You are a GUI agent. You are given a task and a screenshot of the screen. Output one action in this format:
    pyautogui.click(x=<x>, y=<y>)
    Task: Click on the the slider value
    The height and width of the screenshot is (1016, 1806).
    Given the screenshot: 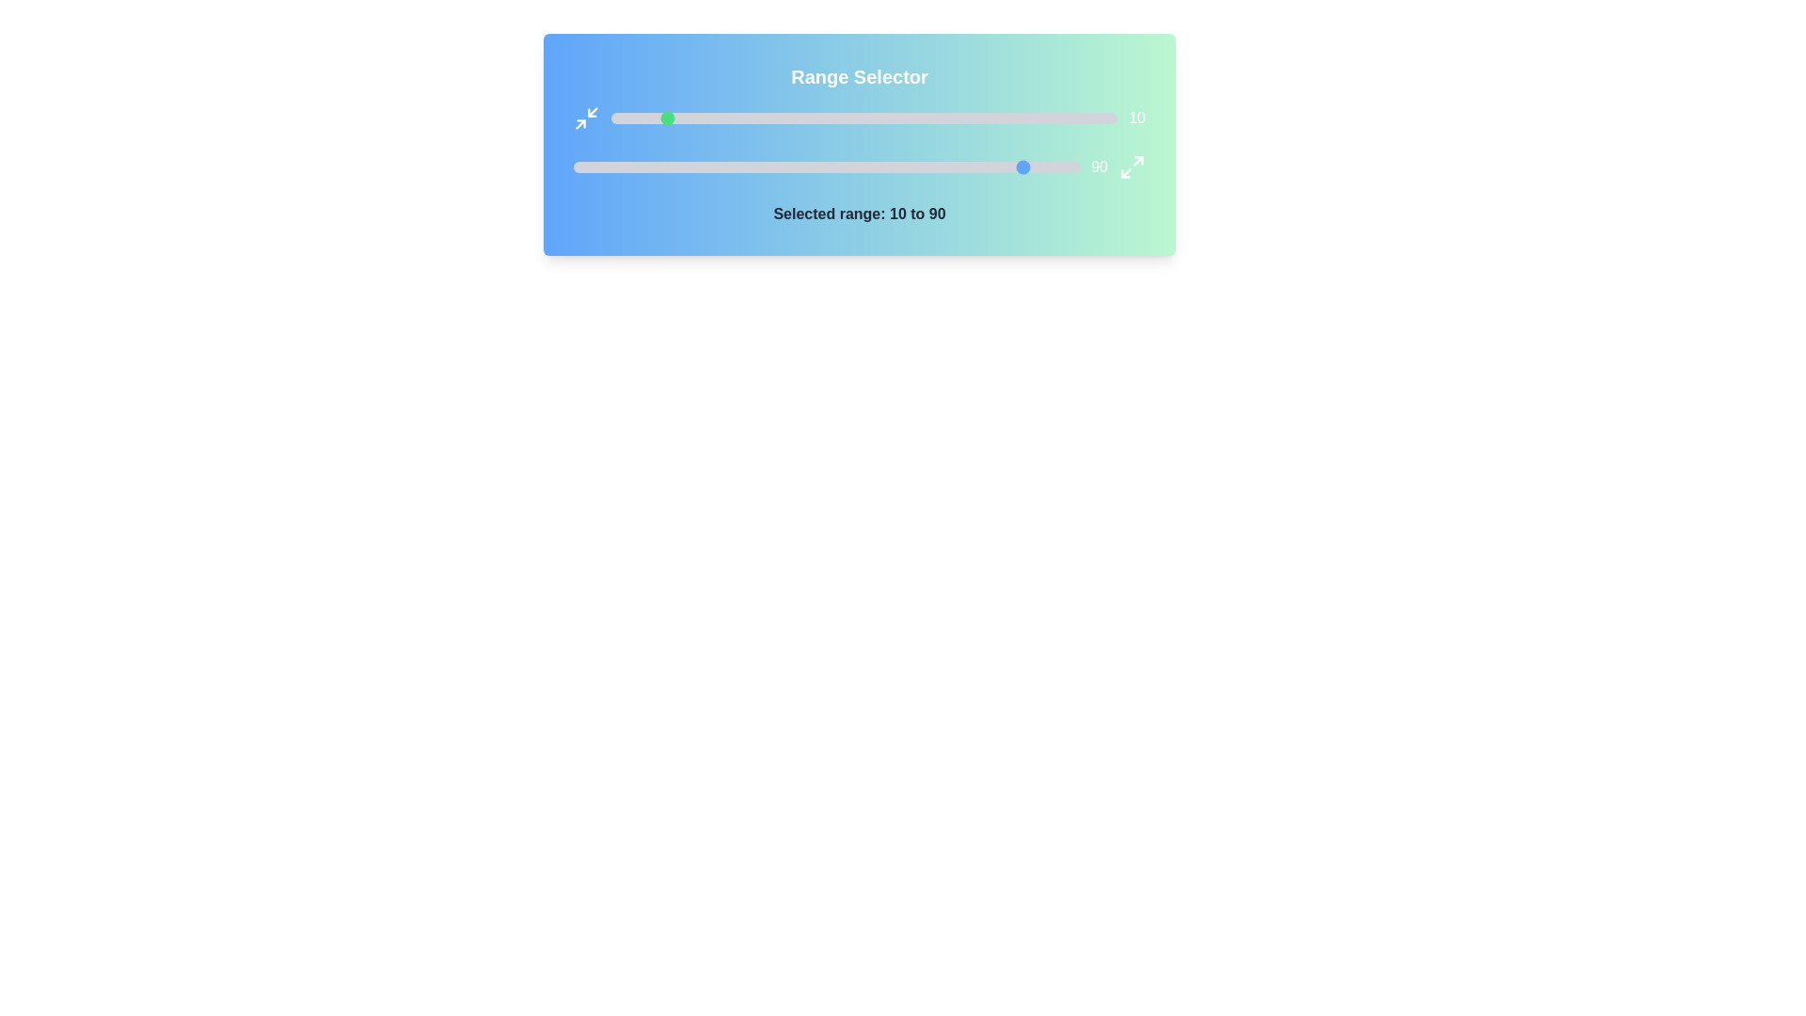 What is the action you would take?
    pyautogui.click(x=629, y=166)
    